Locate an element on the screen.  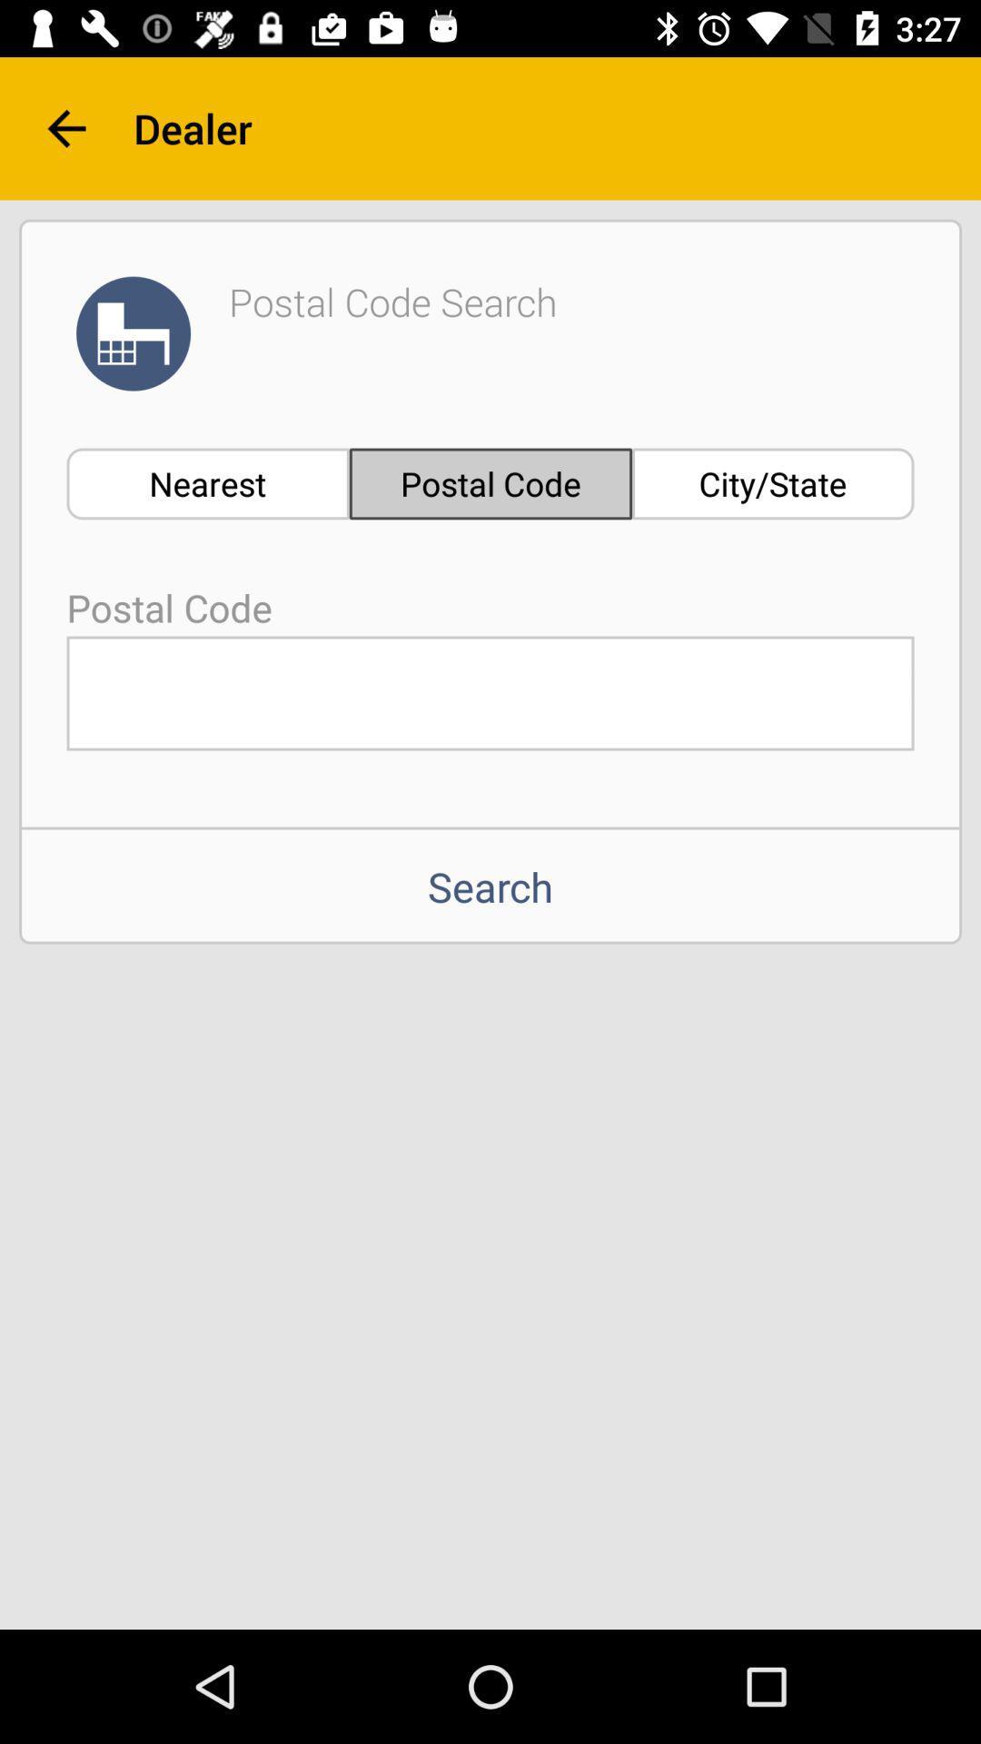
icon above search item is located at coordinates (490, 692).